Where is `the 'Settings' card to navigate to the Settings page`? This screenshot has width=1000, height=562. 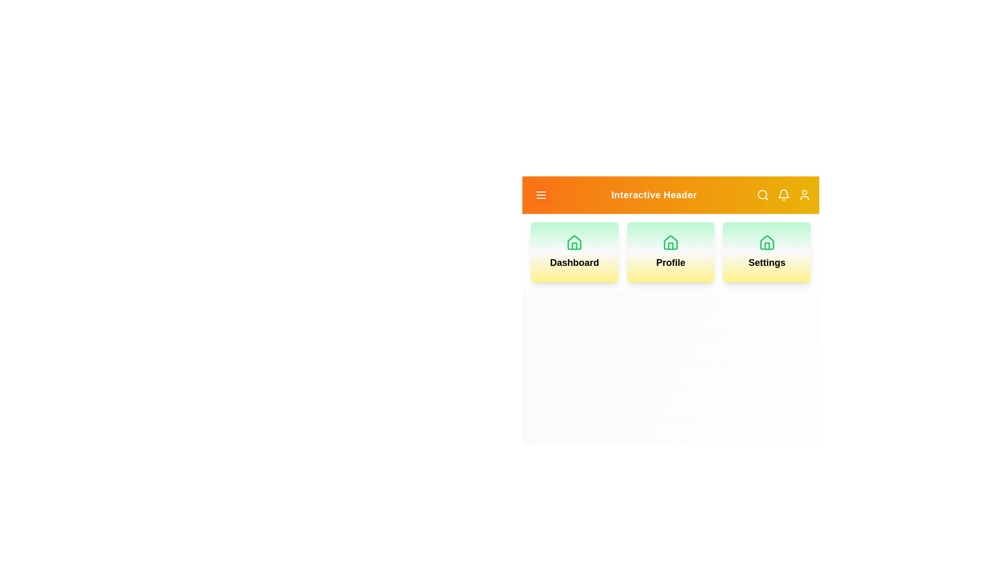
the 'Settings' card to navigate to the Settings page is located at coordinates (767, 252).